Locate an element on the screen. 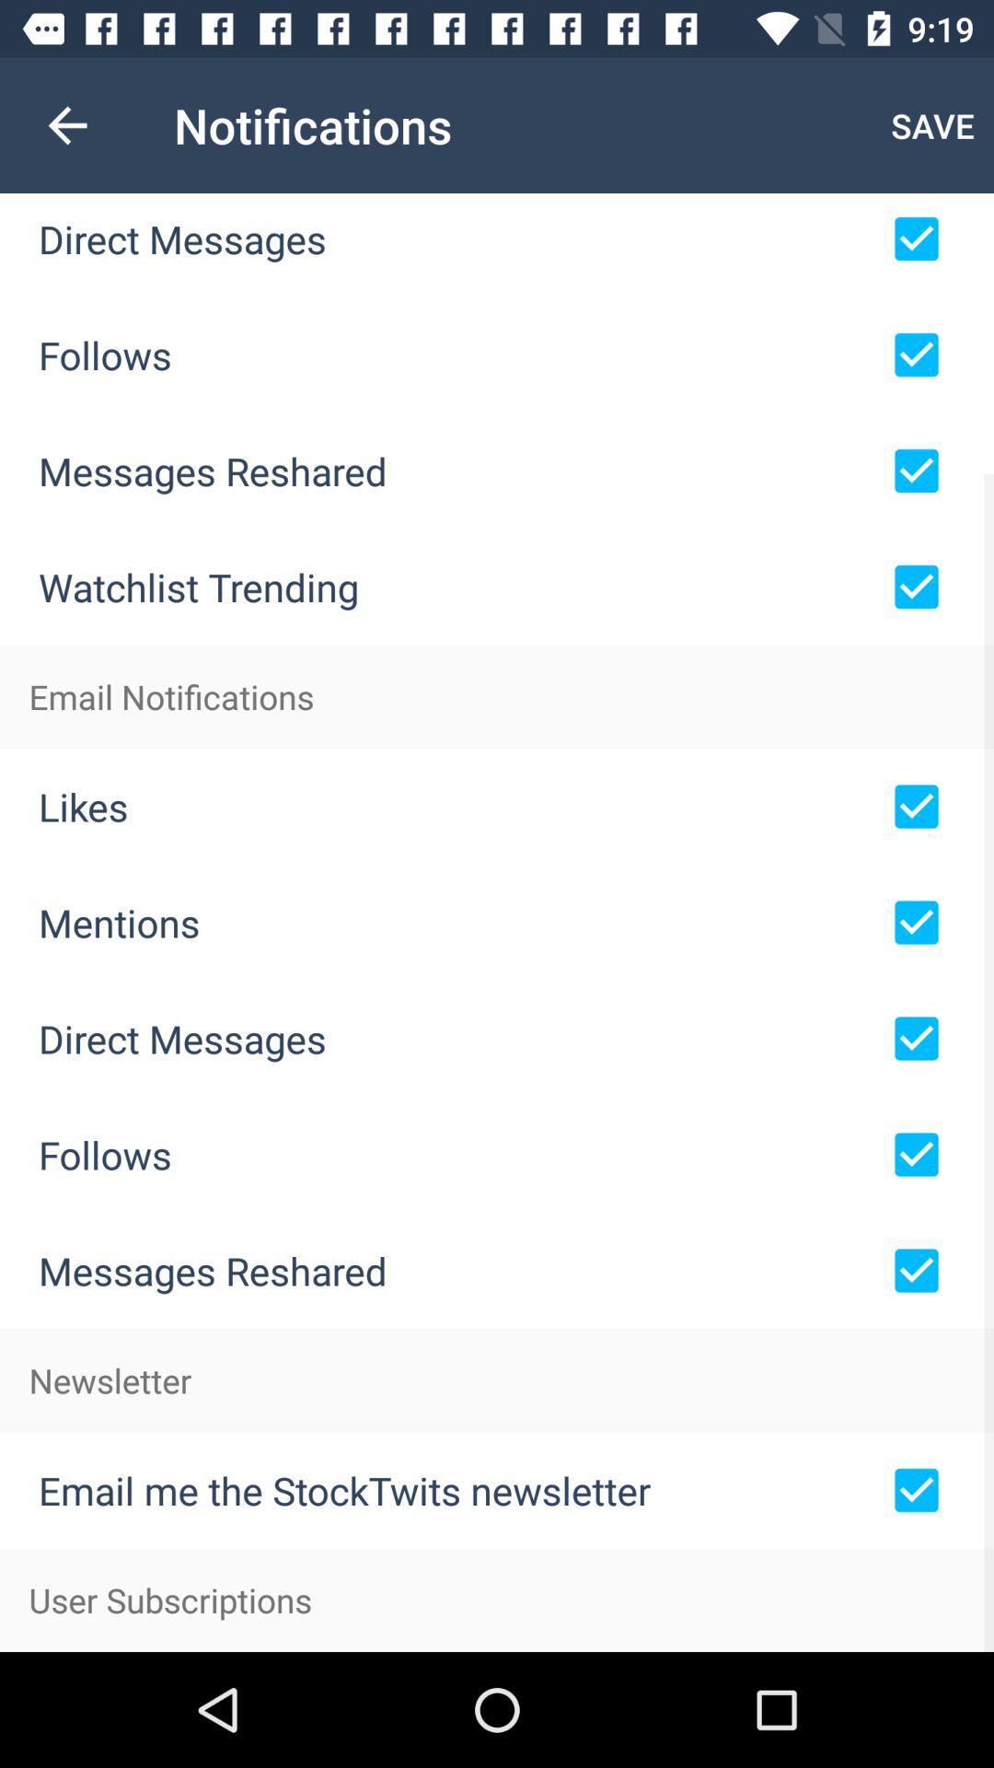  the box which is right hand side of  the text mentions is located at coordinates (916, 923).